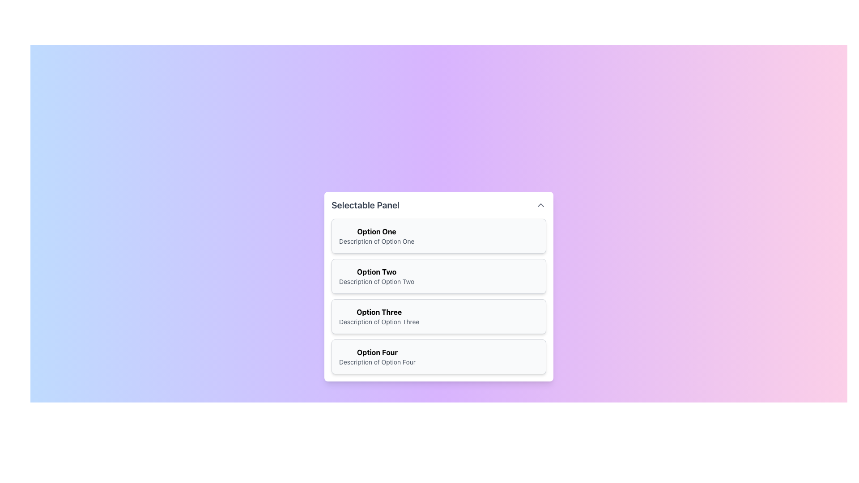 The height and width of the screenshot is (483, 859). What do you see at coordinates (377, 362) in the screenshot?
I see `the text label styled in a smaller font size with gray color that contains the text 'Description of Option Four', located beneath the bold title 'Option Four' in the last card of the vertically stacked list in the 'Selectable Panel'` at bounding box center [377, 362].